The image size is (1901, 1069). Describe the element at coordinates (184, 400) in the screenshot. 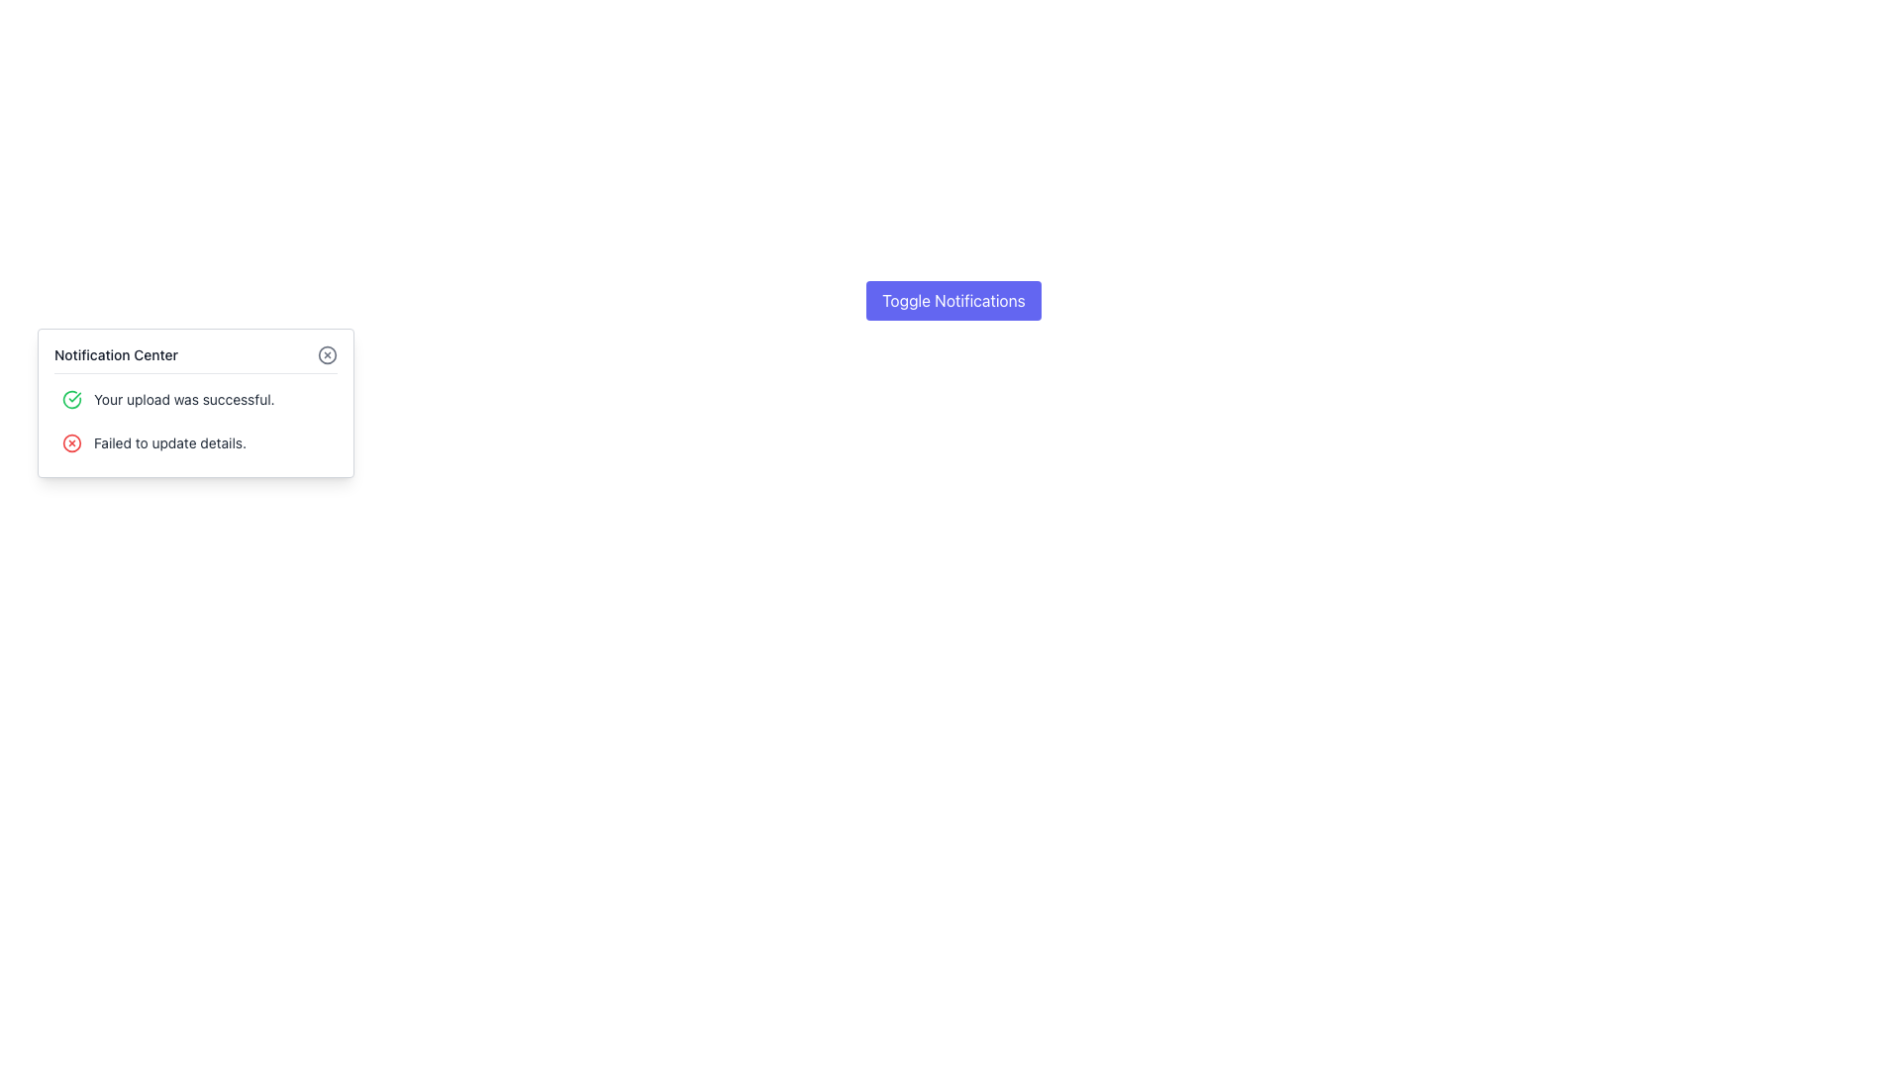

I see `the success message Text Label that indicates the upload operation has been successfully completed, positioned to the right of a green checkmark icon within a notification card` at that location.